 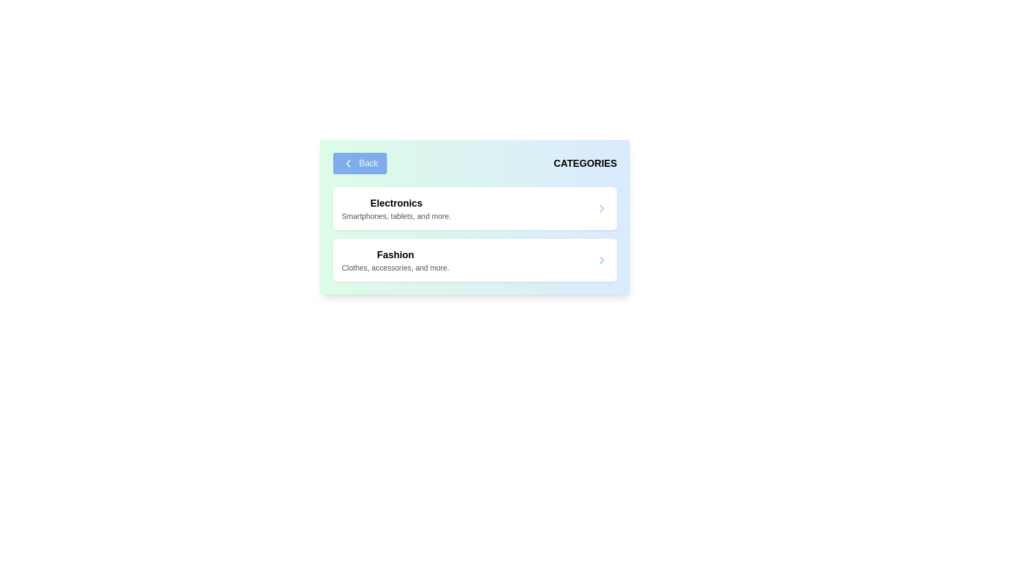 What do you see at coordinates (348, 164) in the screenshot?
I see `the backward navigation icon located at the top-left portion of the interface` at bounding box center [348, 164].